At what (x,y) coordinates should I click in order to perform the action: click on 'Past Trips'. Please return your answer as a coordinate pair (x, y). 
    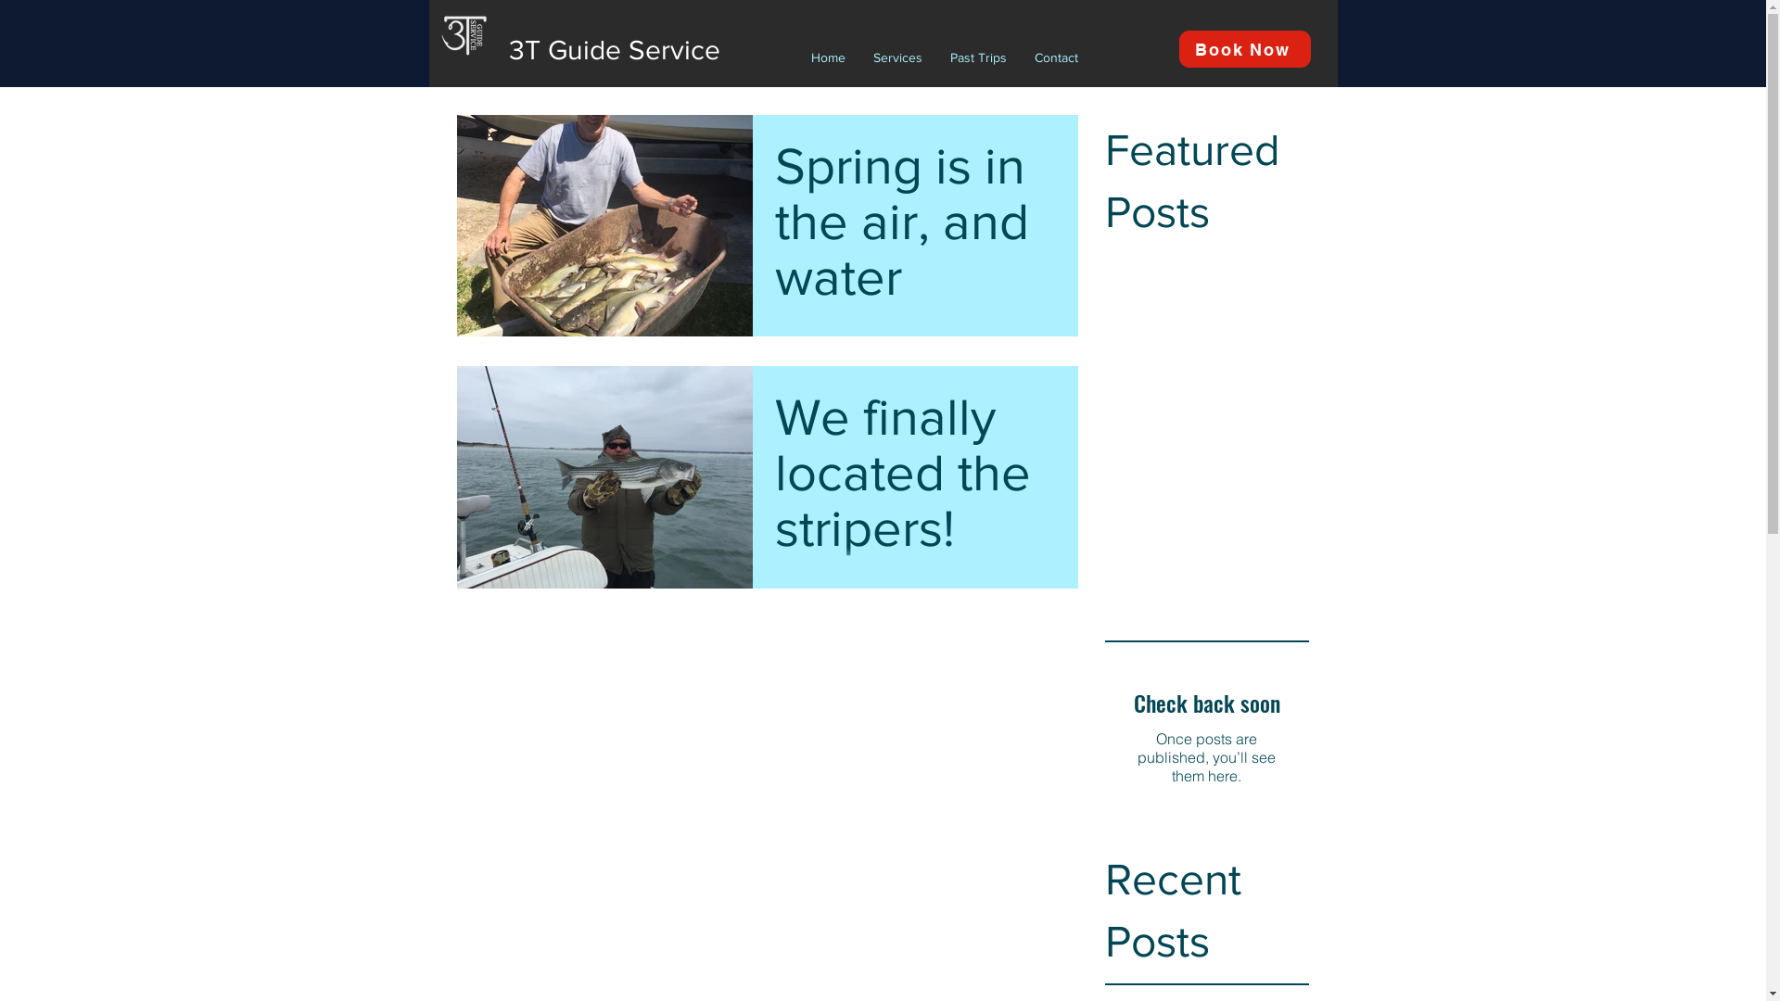
    Looking at the image, I should click on (977, 56).